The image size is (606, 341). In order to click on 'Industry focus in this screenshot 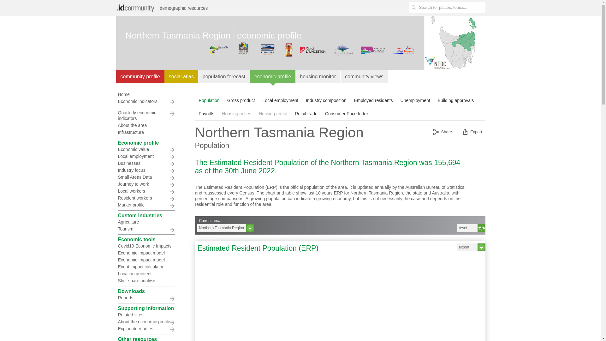, I will do `click(116, 170)`.